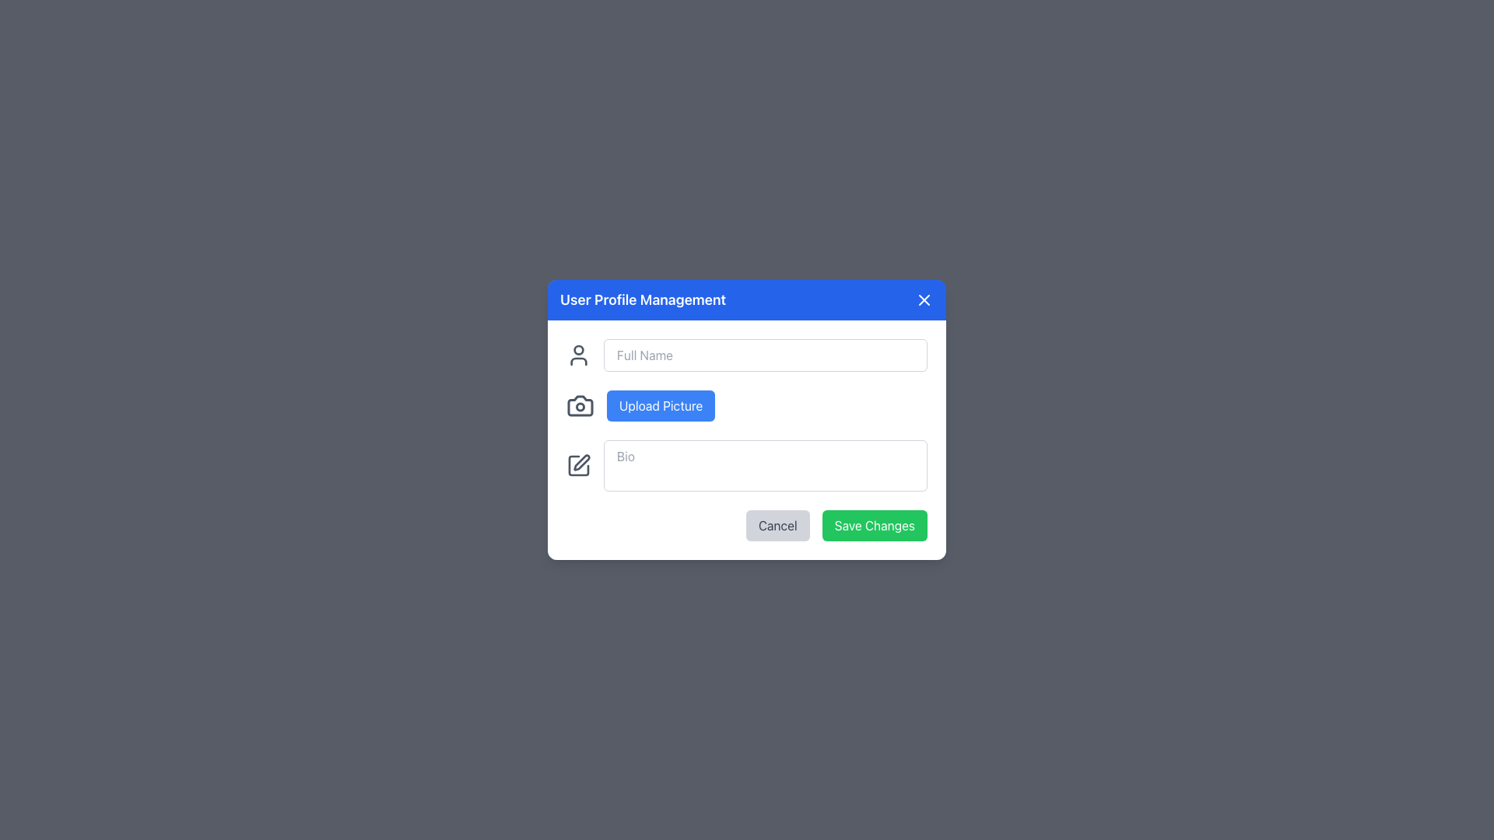  Describe the element at coordinates (581, 461) in the screenshot. I see `the pen/editing tool icon located below the user icon and above the bio text box in the user profile management interface` at that location.